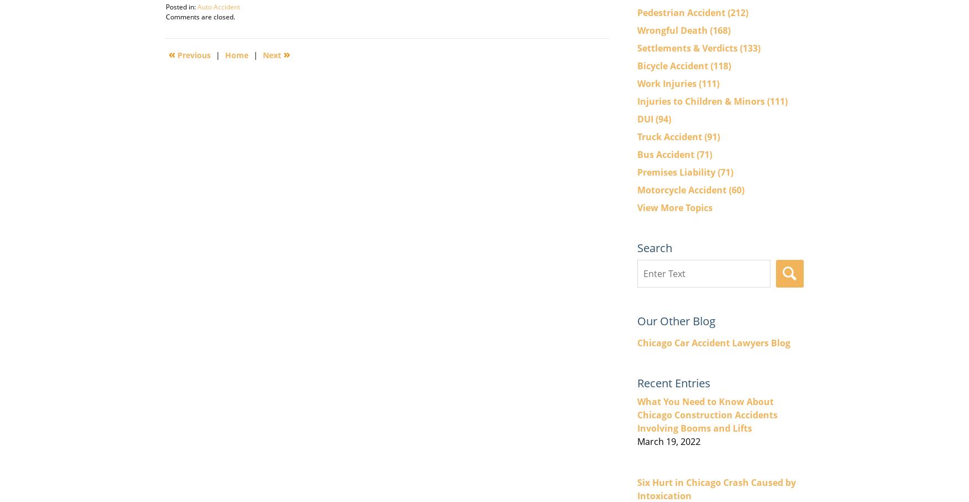 This screenshot has width=969, height=502. I want to click on 'Wrongful Death', so click(673, 29).